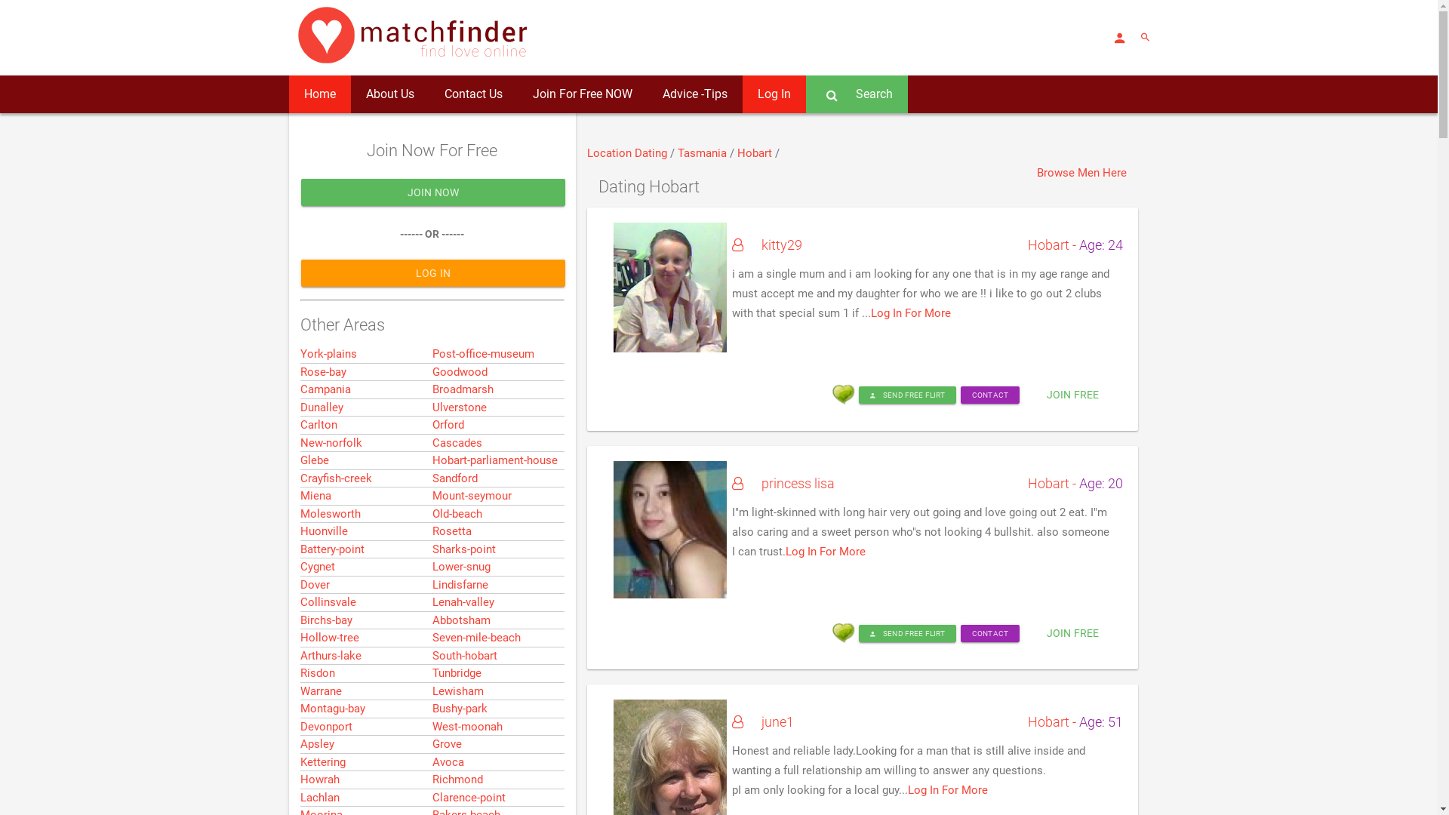 The image size is (1449, 815). Describe the element at coordinates (328, 601) in the screenshot. I see `'Collinsvale'` at that location.